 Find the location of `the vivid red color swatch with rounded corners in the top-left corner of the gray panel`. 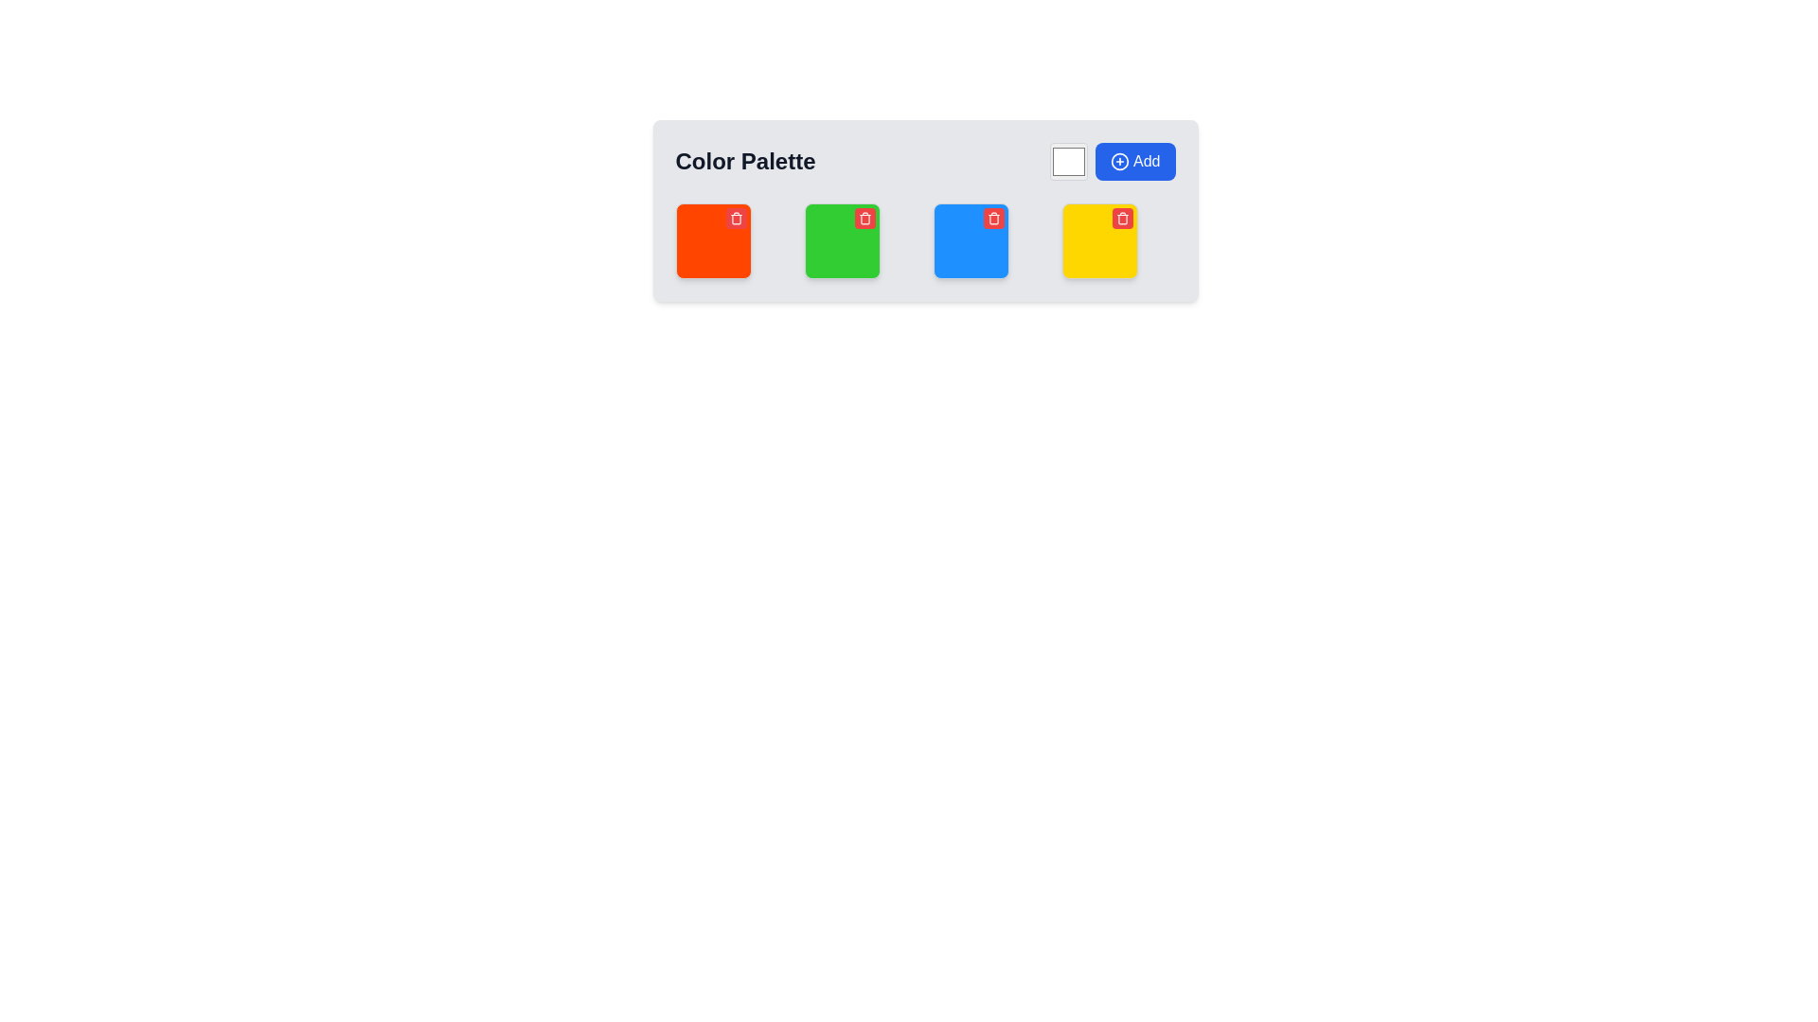

the vivid red color swatch with rounded corners in the top-left corner of the gray panel is located at coordinates (712, 239).